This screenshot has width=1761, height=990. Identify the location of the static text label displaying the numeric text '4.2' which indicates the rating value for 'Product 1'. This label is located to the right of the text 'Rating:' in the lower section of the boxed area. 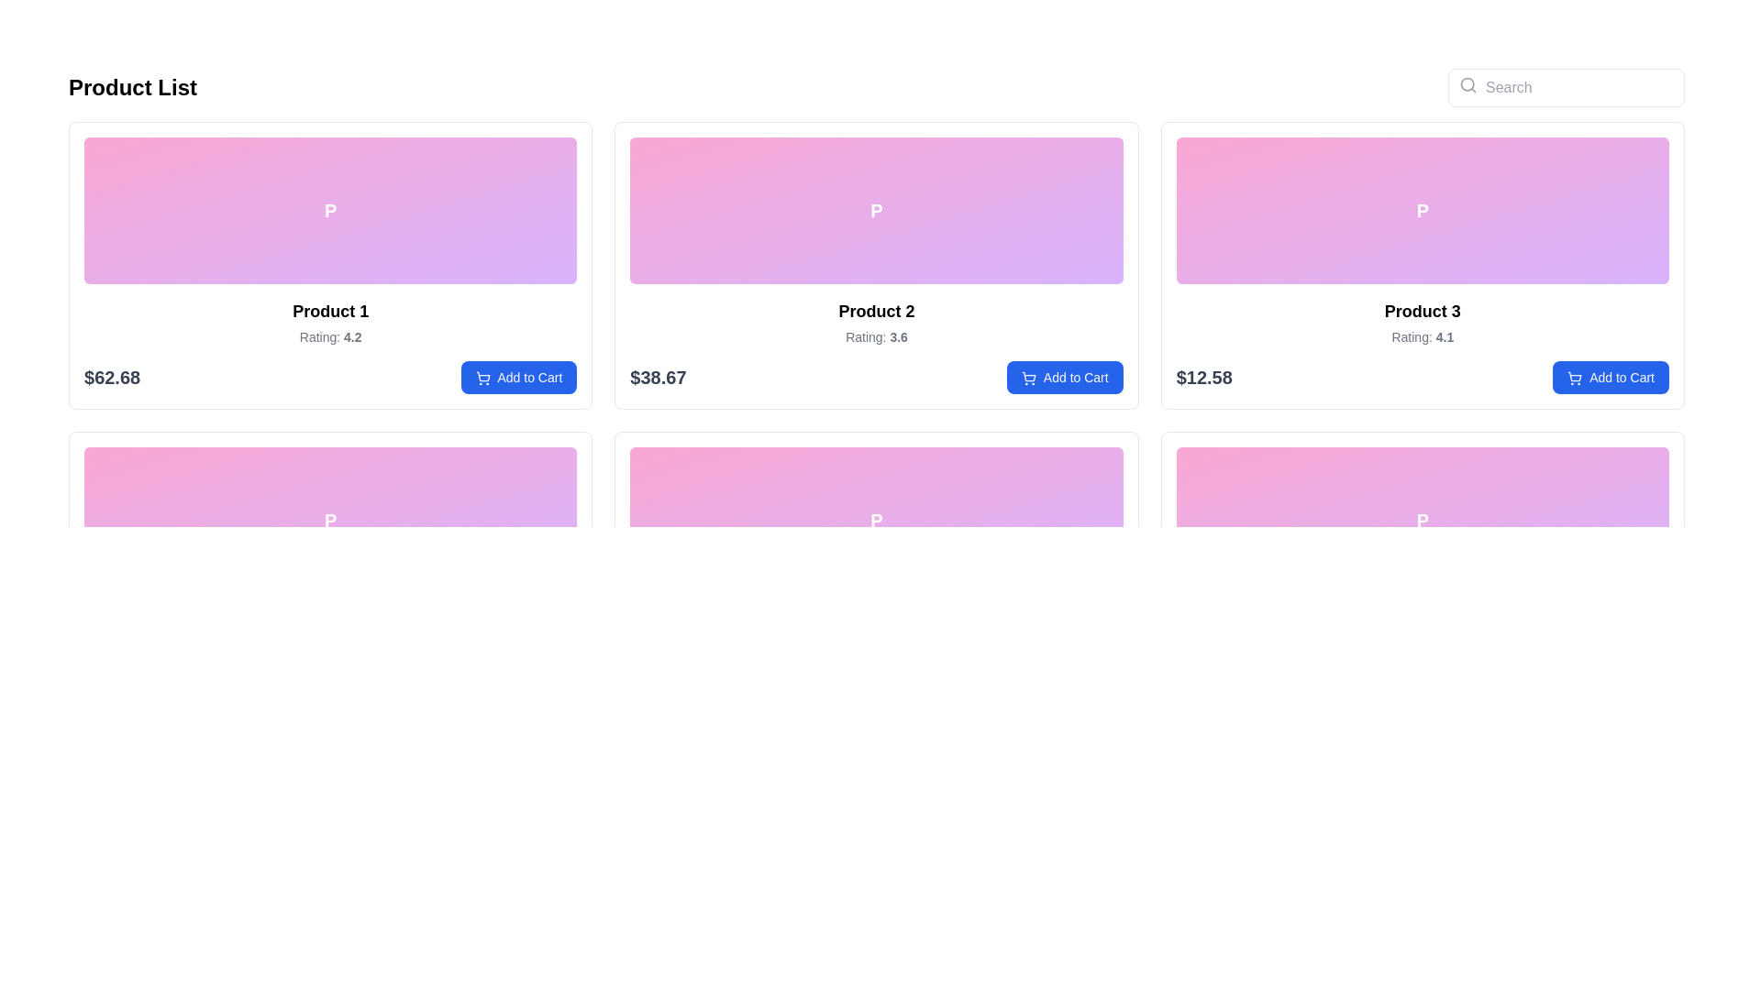
(352, 336).